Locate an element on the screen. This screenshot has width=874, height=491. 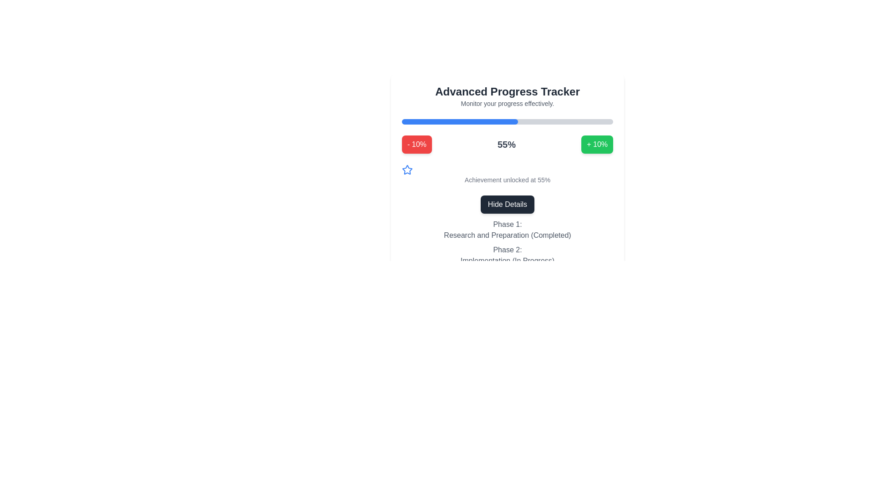
the progress bar segment indicating current progress towards a goal, which is visually represented below the title '55%' within the progress tracker component is located at coordinates (460, 121).